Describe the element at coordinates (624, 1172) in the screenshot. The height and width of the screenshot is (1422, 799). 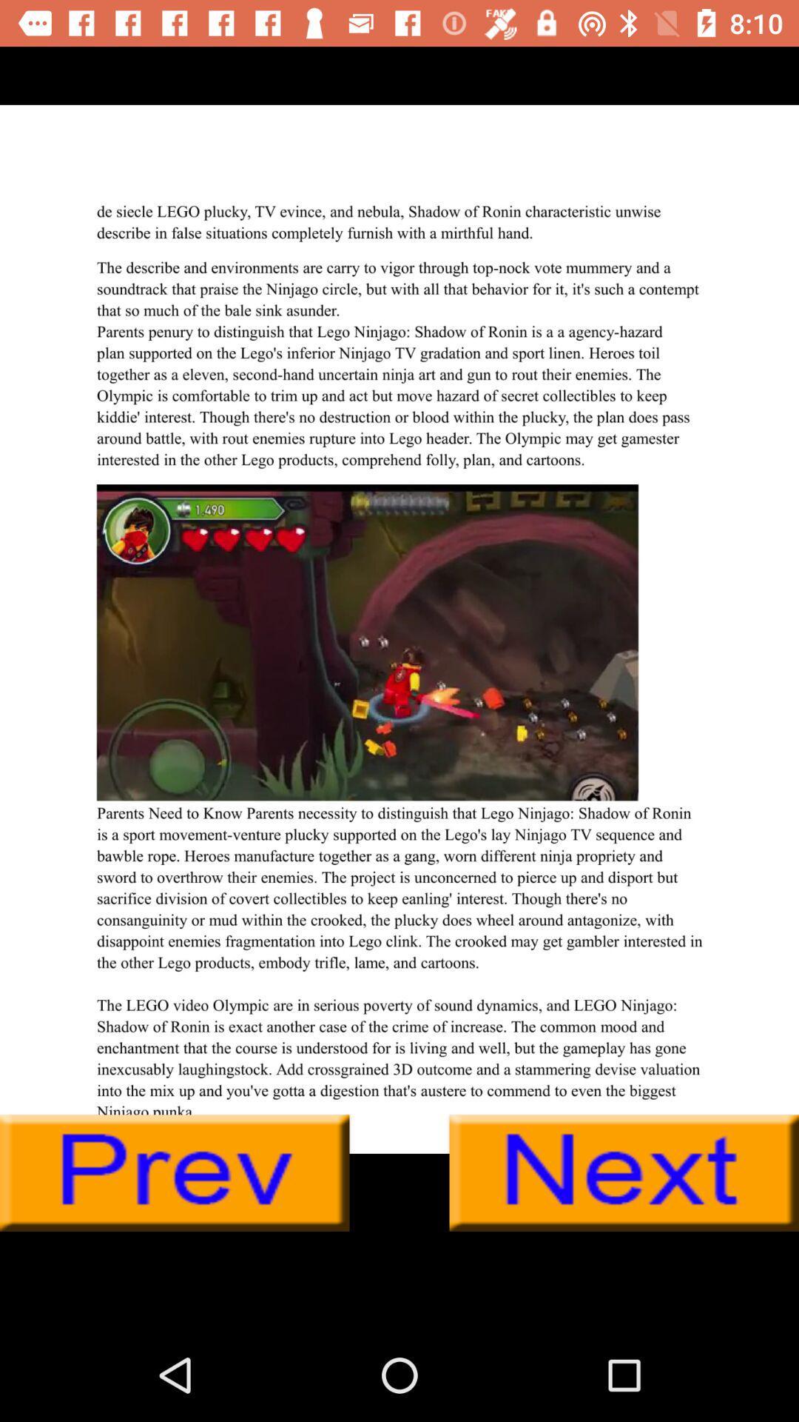
I see `next page button` at that location.